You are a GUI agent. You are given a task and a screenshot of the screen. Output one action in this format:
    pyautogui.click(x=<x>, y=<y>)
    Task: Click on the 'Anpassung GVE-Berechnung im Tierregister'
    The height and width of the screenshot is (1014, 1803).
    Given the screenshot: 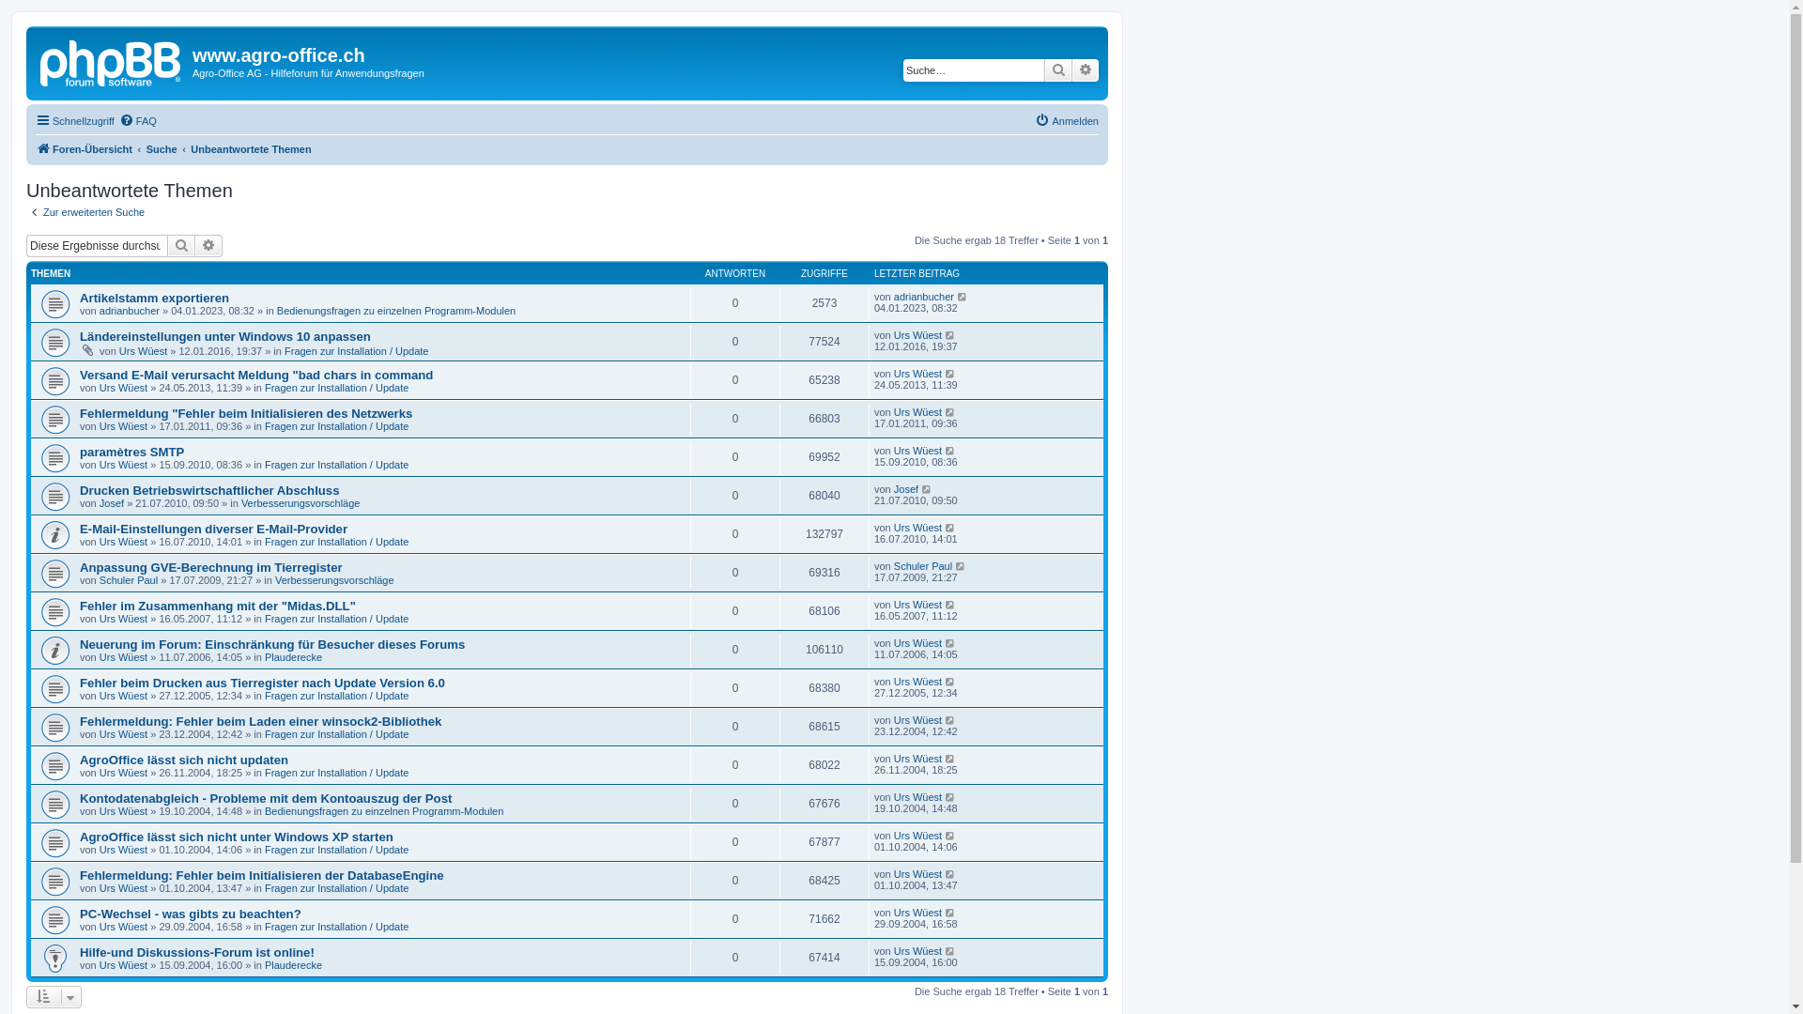 What is the action you would take?
    pyautogui.click(x=211, y=566)
    